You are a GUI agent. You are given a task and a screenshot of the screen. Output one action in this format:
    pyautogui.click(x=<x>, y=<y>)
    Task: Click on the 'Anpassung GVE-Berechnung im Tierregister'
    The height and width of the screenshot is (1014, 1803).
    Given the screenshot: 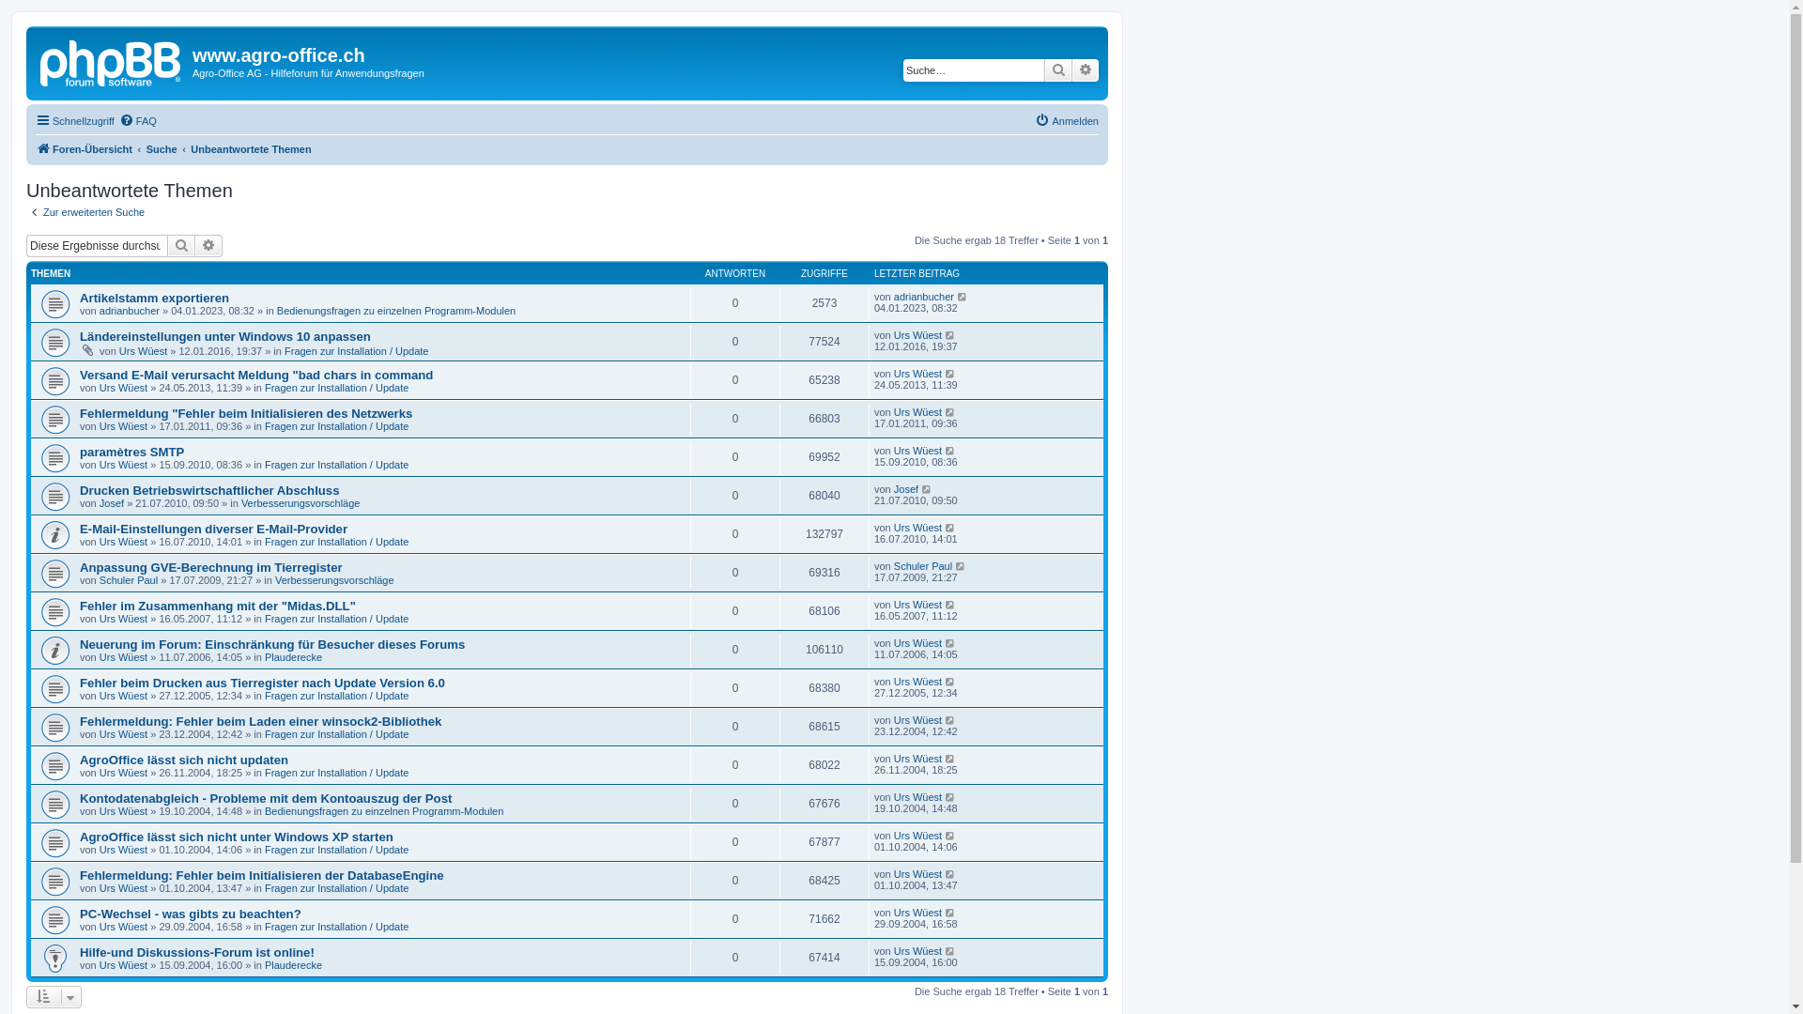 What is the action you would take?
    pyautogui.click(x=211, y=566)
    